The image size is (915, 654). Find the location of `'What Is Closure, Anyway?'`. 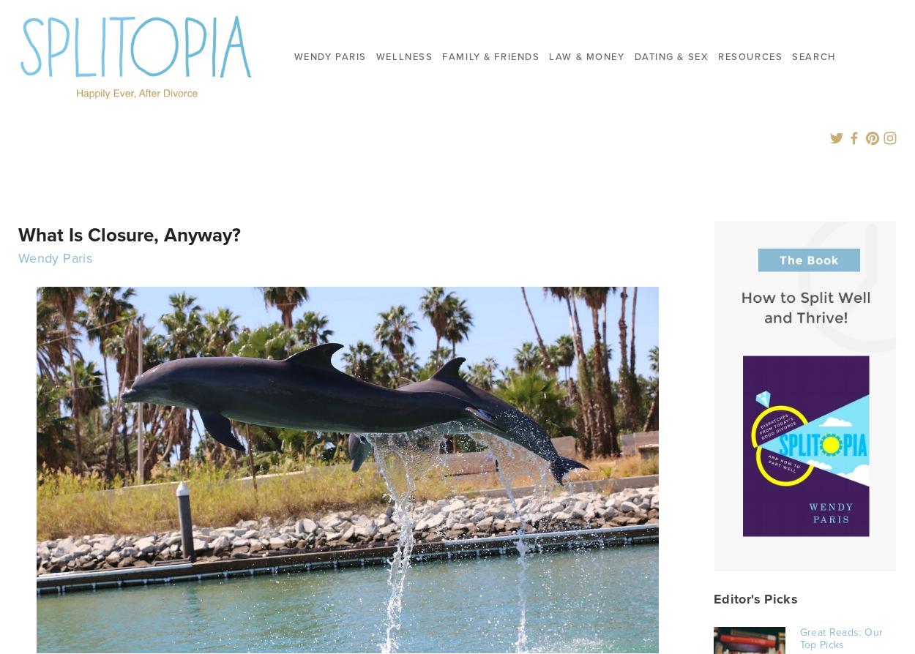

'What Is Closure, Anyway?' is located at coordinates (130, 234).